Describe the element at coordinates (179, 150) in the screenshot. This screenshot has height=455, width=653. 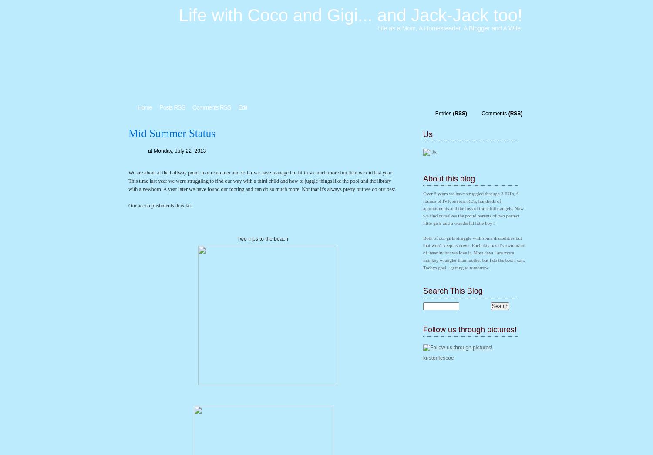
I see `'Monday, July 22, 2013'` at that location.